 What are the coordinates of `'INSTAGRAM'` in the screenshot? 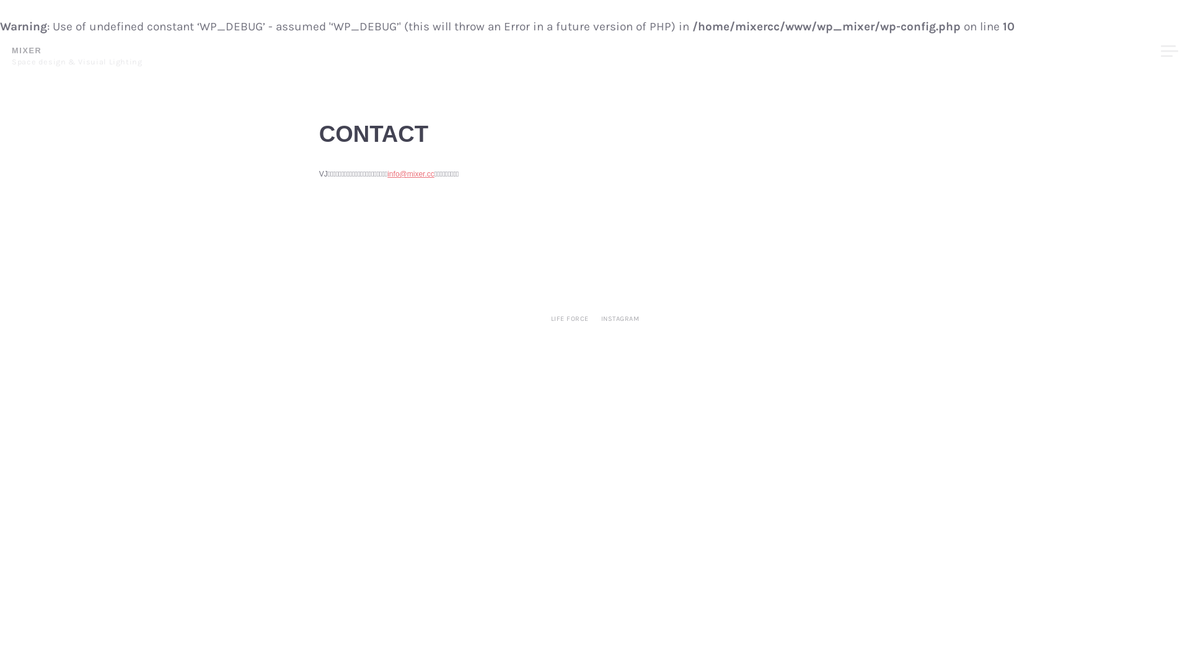 It's located at (620, 318).